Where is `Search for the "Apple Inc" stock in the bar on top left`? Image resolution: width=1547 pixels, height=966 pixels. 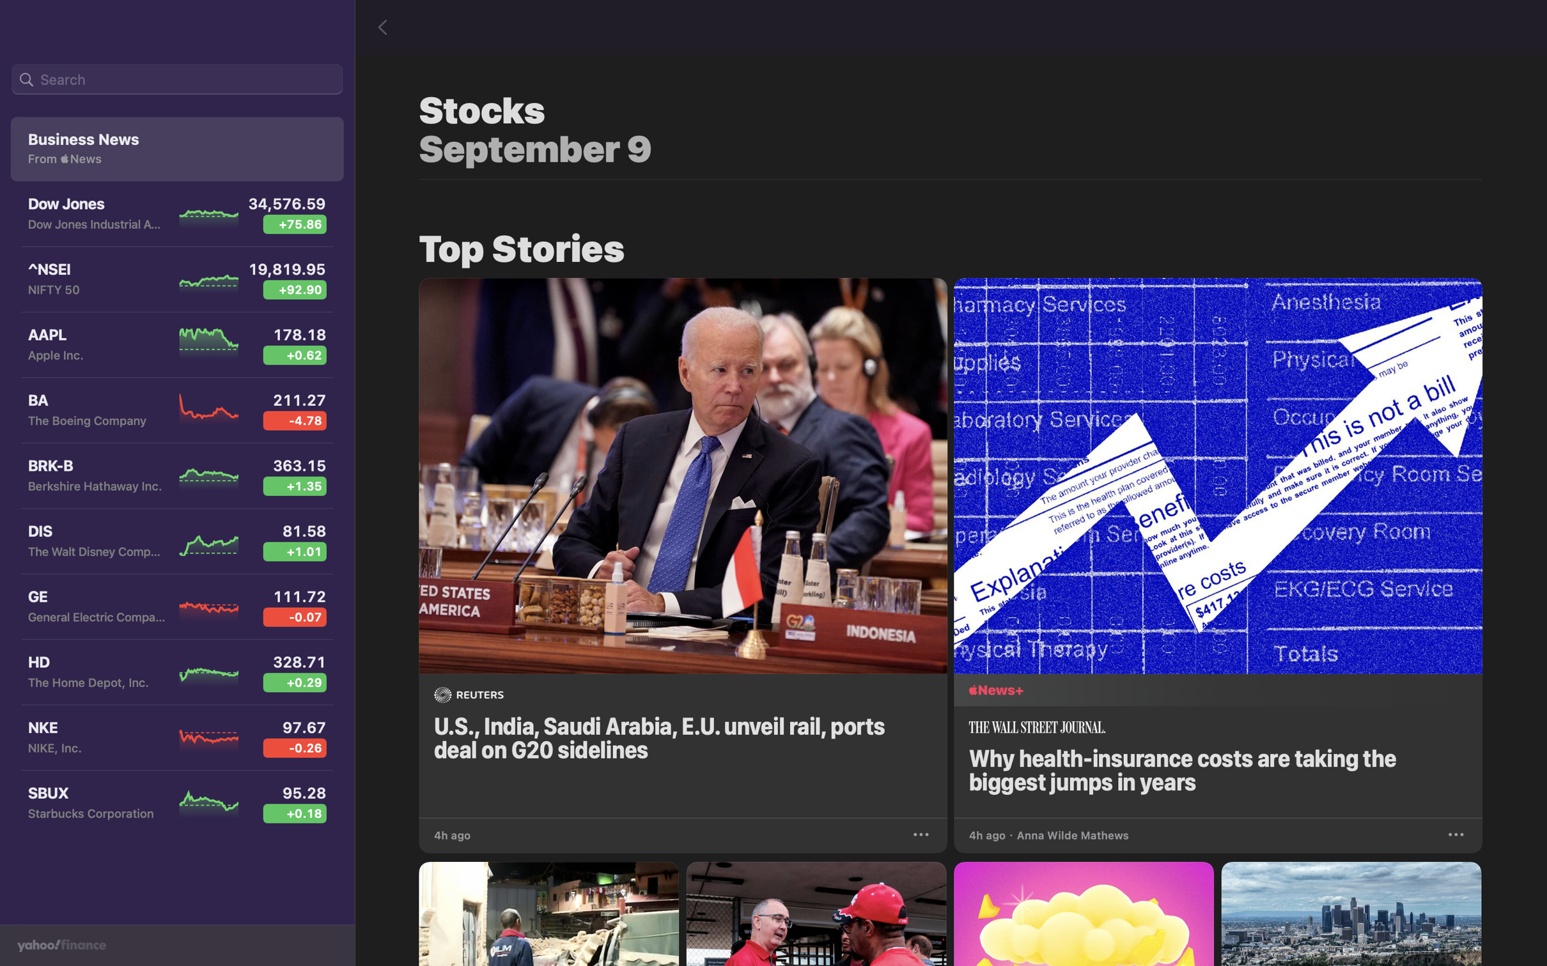 Search for the "Apple Inc" stock in the bar on top left is located at coordinates (176, 80).